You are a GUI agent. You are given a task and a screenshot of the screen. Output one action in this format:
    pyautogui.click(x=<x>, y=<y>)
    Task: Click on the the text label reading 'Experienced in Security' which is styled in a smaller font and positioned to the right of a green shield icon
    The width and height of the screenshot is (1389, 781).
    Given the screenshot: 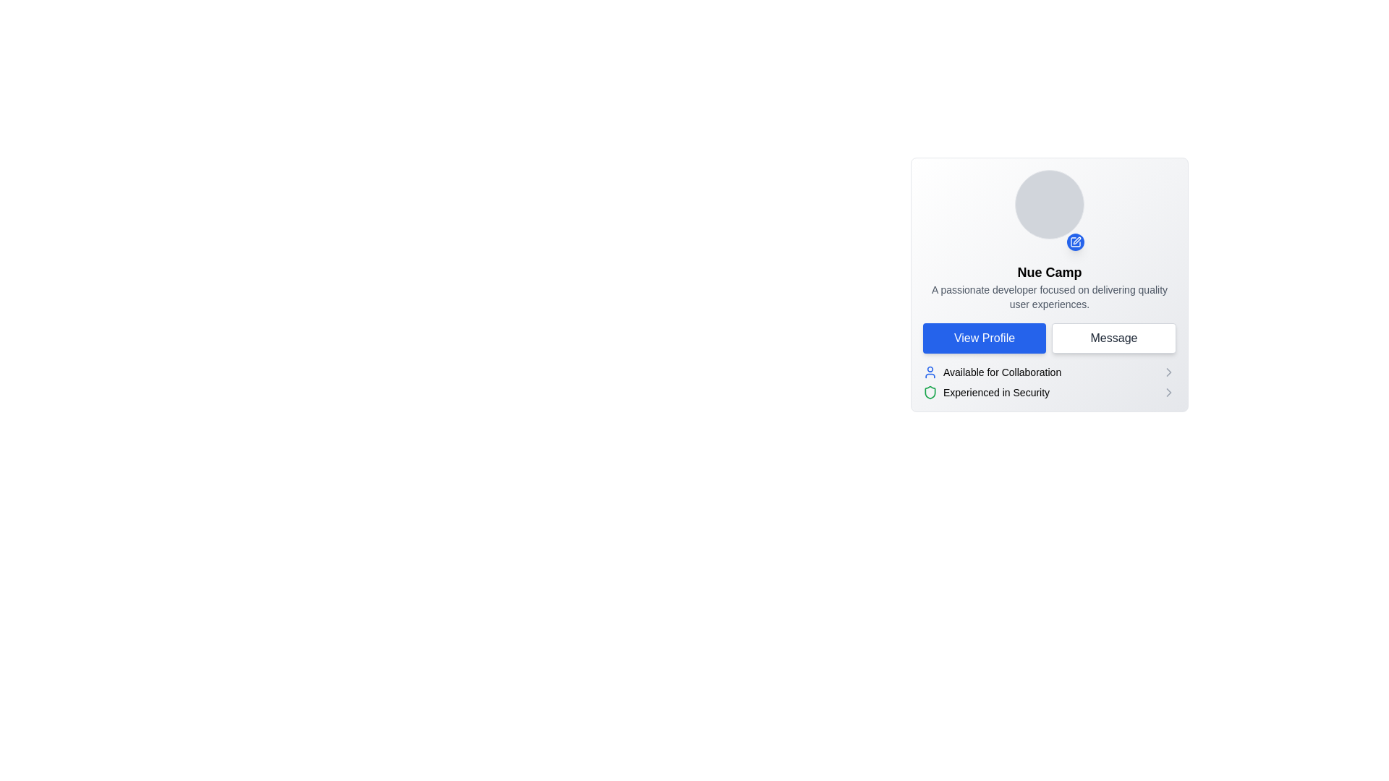 What is the action you would take?
    pyautogui.click(x=995, y=393)
    